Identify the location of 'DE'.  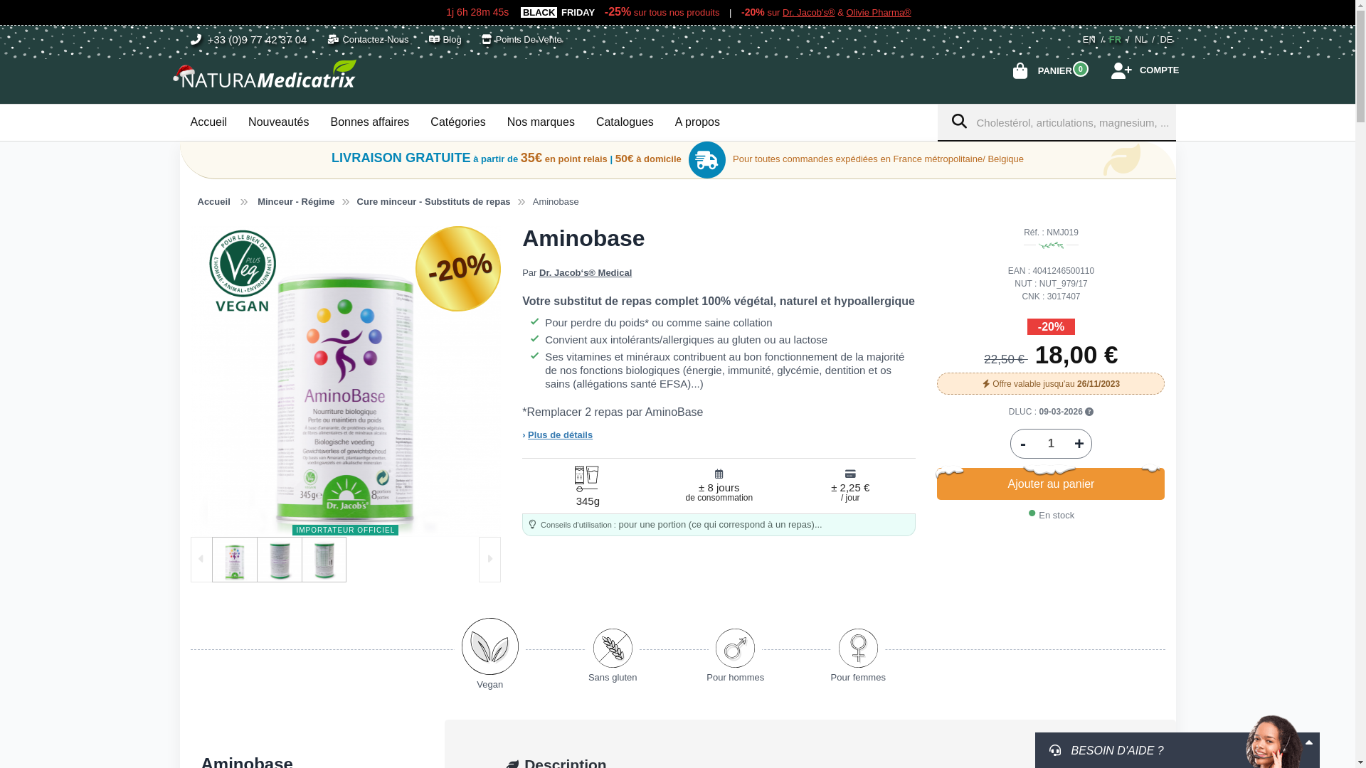
(1165, 39).